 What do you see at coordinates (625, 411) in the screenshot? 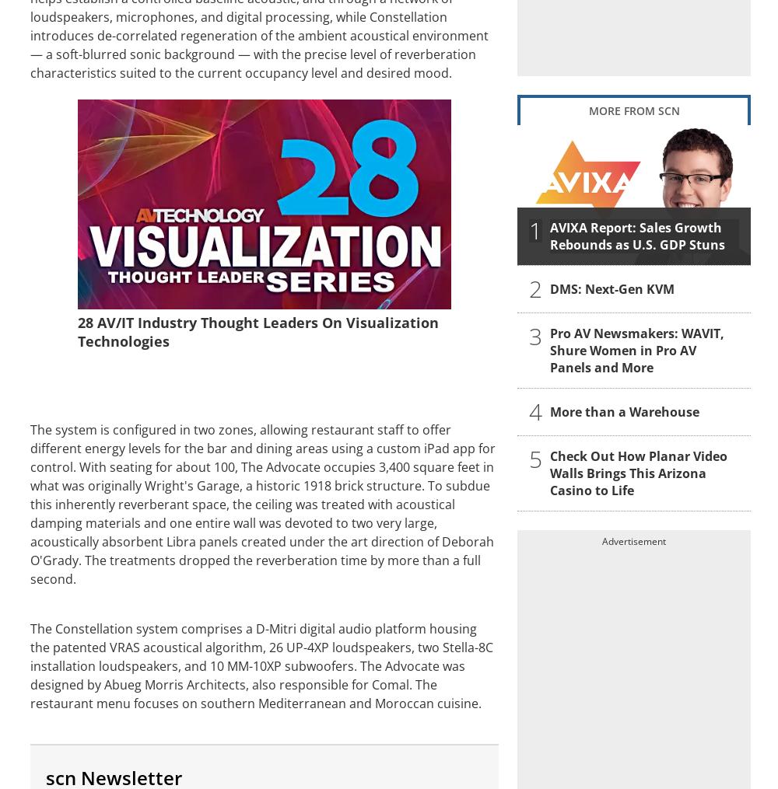
I see `'More than a Warehouse'` at bounding box center [625, 411].